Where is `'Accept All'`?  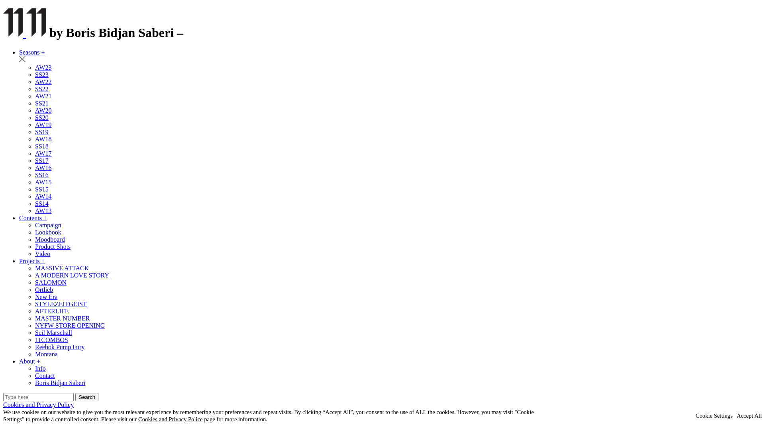
'Accept All' is located at coordinates (749, 415).